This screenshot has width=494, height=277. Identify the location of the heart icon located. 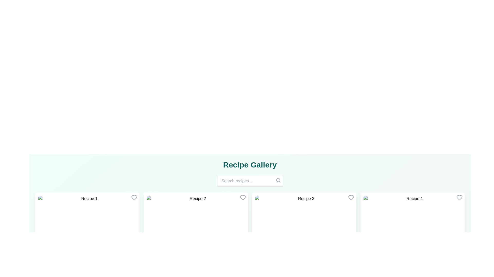
(351, 197).